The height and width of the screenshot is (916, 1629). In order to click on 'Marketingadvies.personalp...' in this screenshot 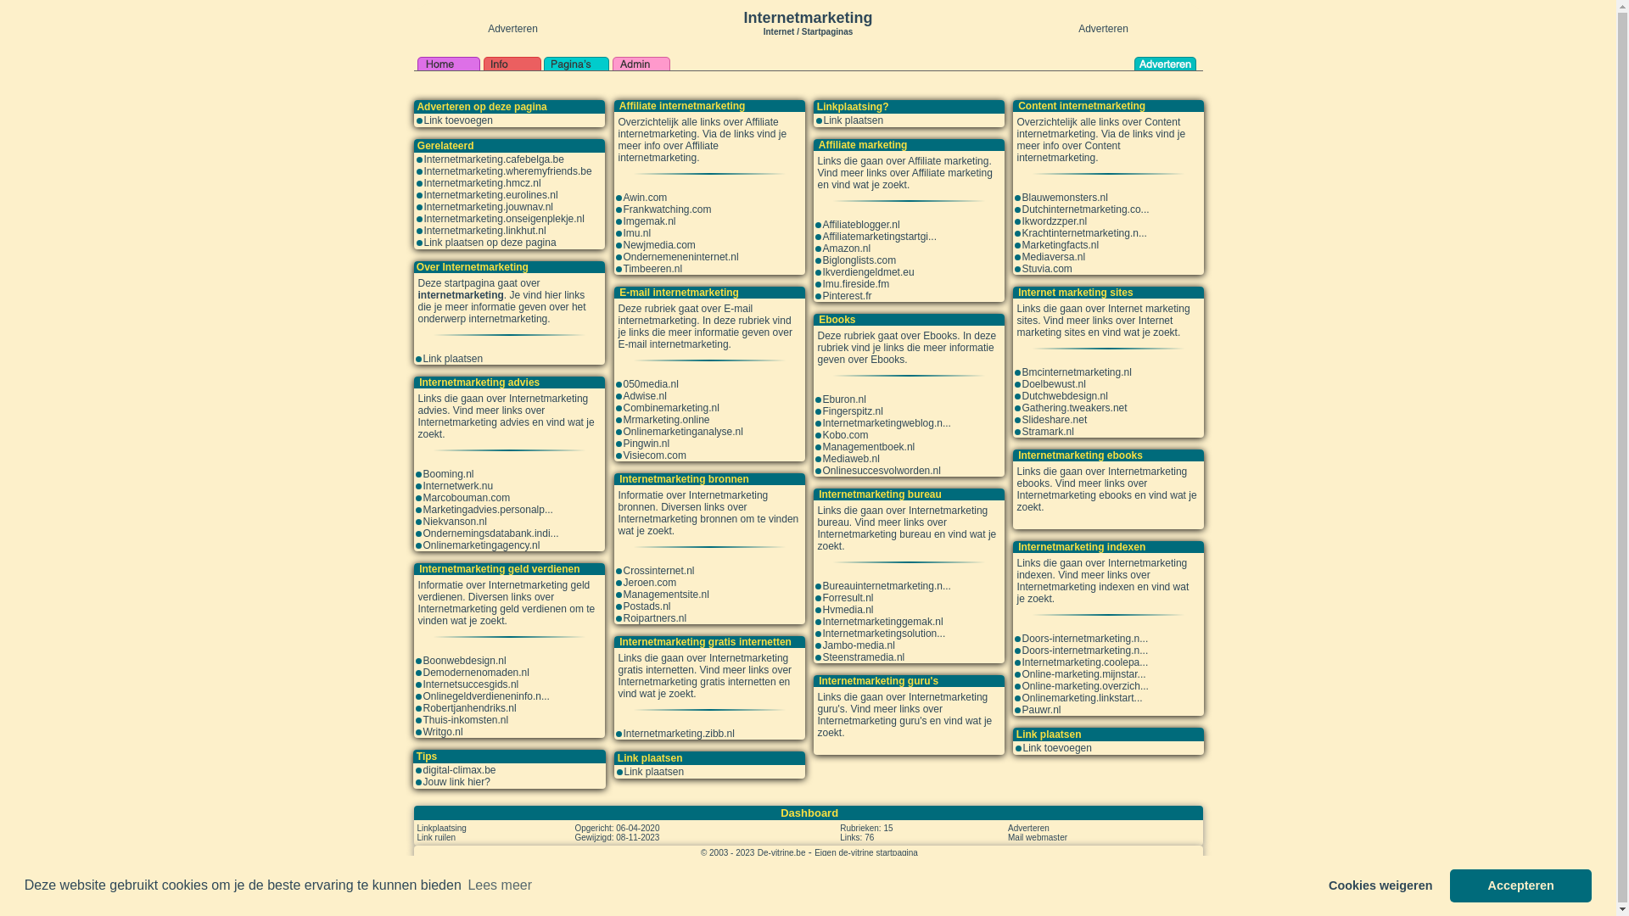, I will do `click(486, 509)`.